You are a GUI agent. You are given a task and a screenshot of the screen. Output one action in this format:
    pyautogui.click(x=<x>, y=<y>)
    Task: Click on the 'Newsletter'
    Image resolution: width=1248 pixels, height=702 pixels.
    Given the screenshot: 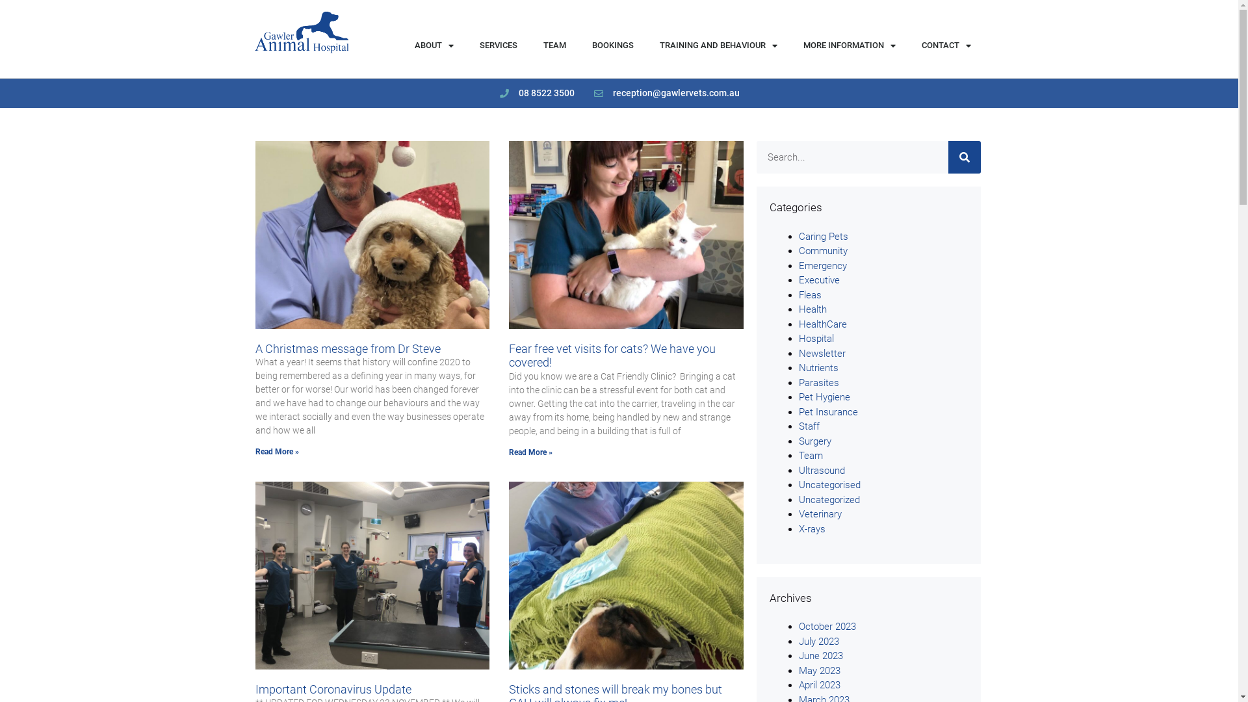 What is the action you would take?
    pyautogui.click(x=822, y=353)
    